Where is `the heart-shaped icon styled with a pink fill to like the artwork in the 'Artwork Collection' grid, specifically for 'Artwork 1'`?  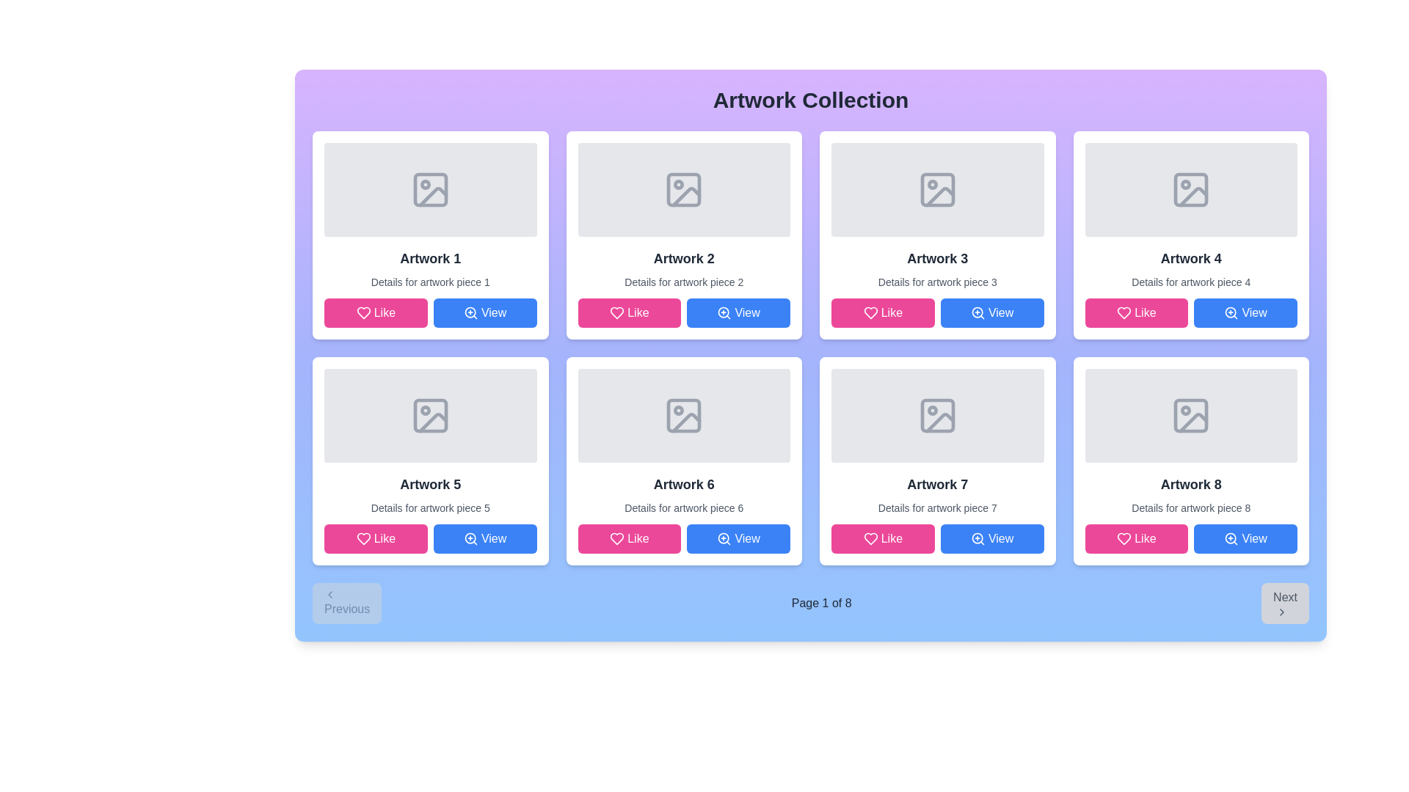 the heart-shaped icon styled with a pink fill to like the artwork in the 'Artwork Collection' grid, specifically for 'Artwork 1' is located at coordinates (363, 312).